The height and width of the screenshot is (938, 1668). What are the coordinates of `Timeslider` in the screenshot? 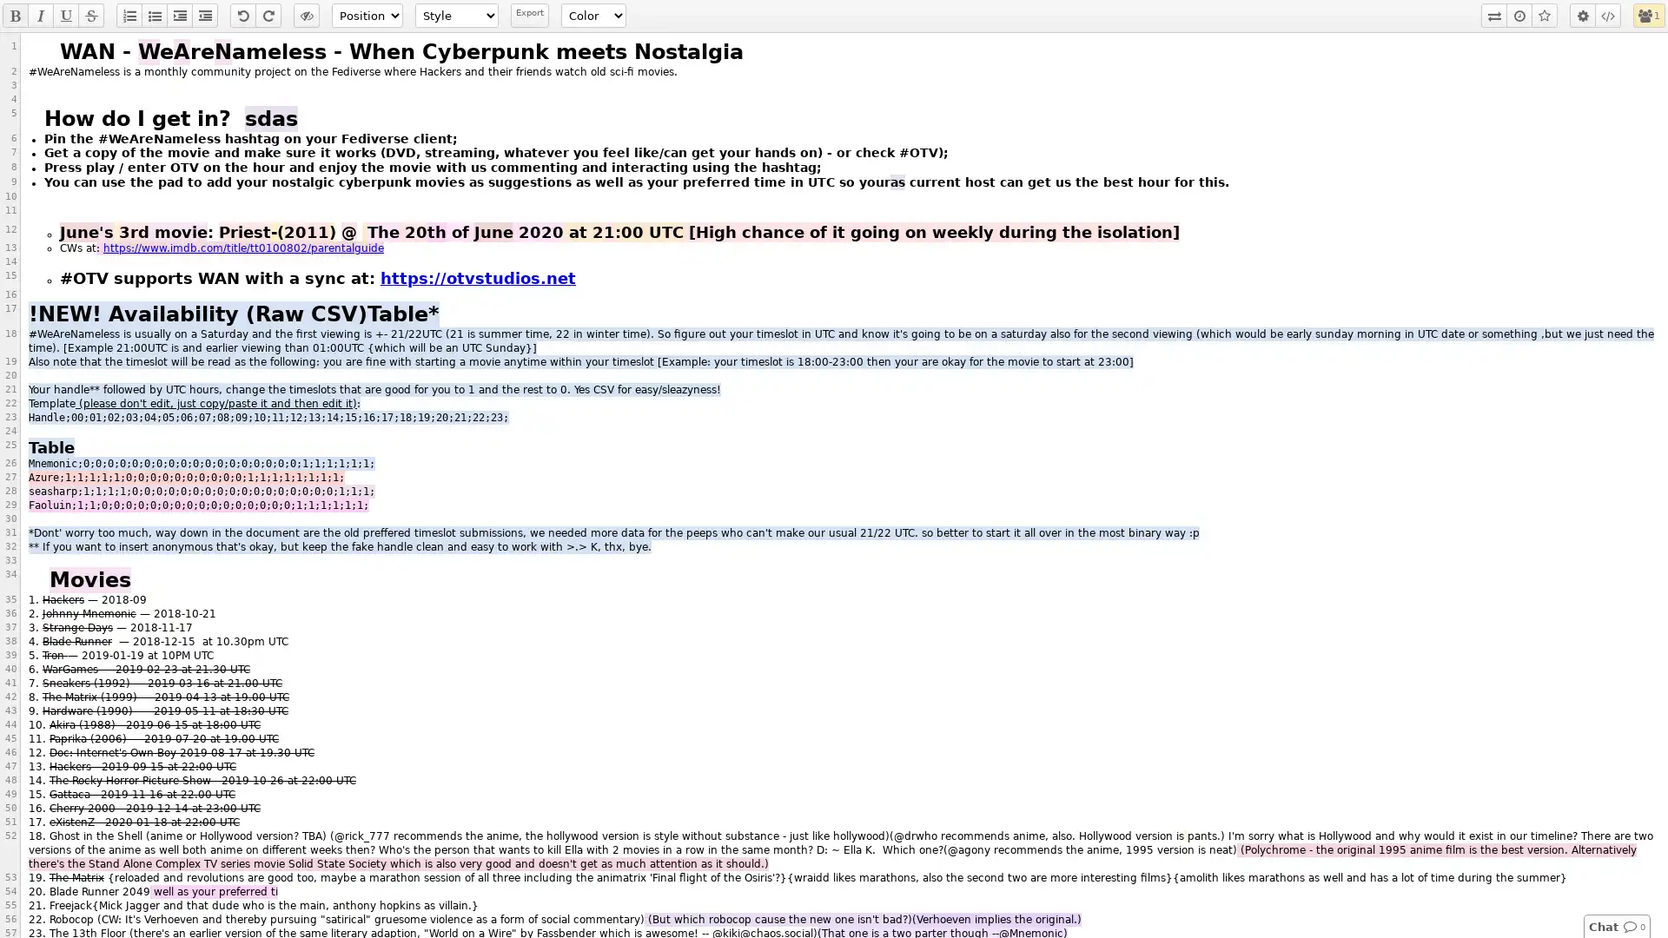 It's located at (1518, 16).